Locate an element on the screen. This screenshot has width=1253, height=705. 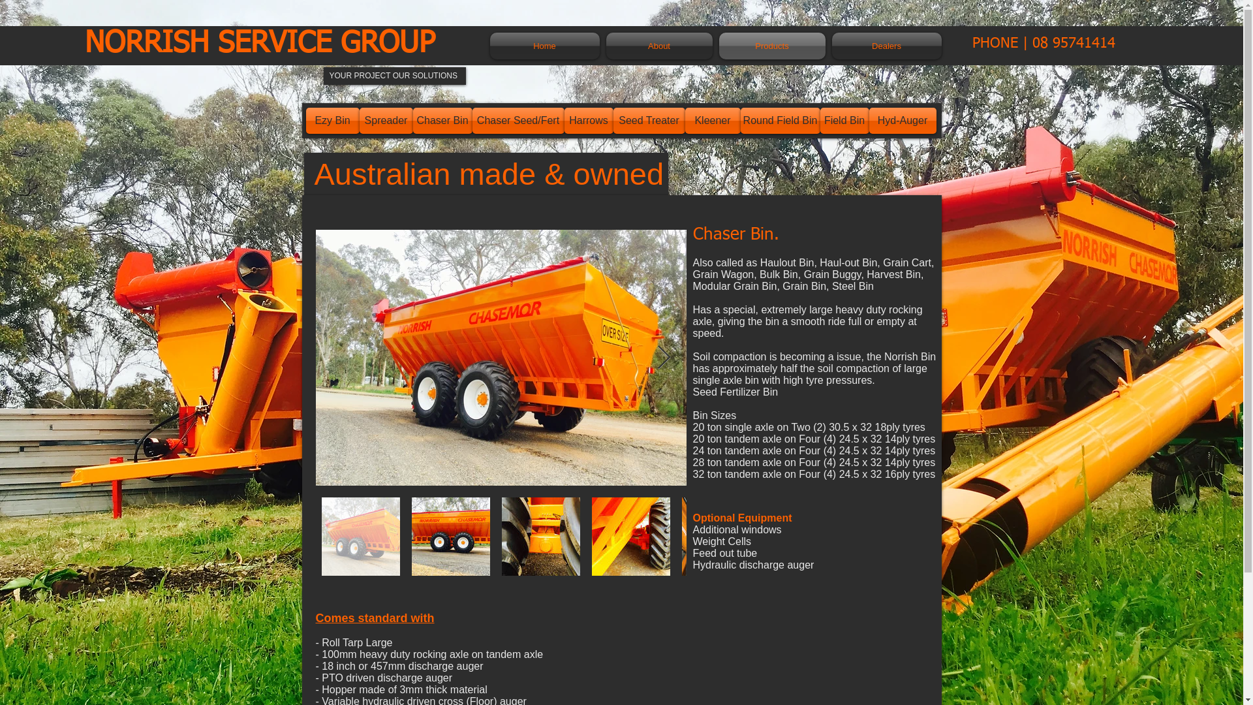
'Chaser Seed/Fert' is located at coordinates (472, 121).